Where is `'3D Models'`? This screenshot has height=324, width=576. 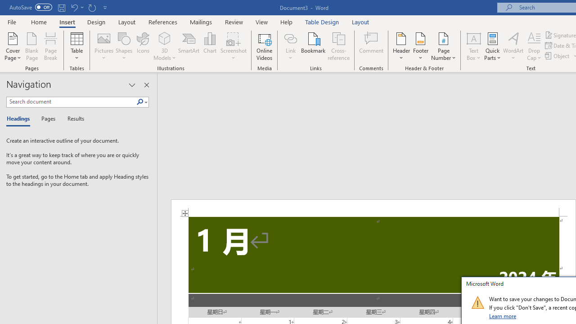 '3D Models' is located at coordinates (165, 46).